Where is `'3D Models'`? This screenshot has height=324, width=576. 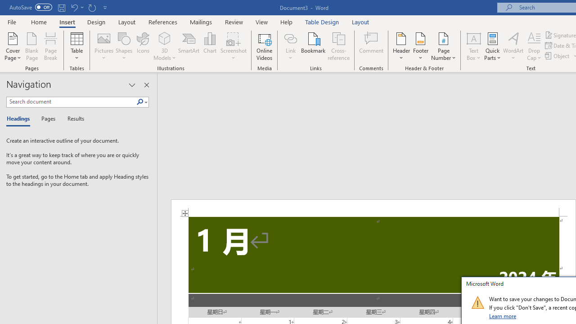 '3D Models' is located at coordinates (165, 46).